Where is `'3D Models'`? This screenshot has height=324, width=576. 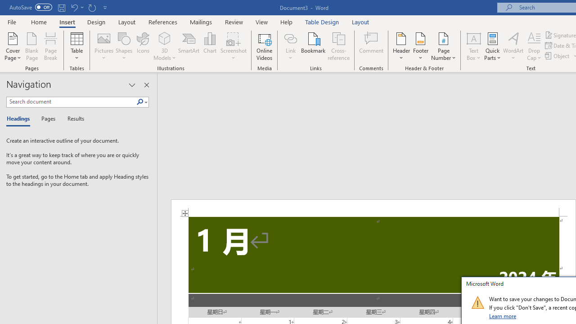 '3D Models' is located at coordinates (165, 46).